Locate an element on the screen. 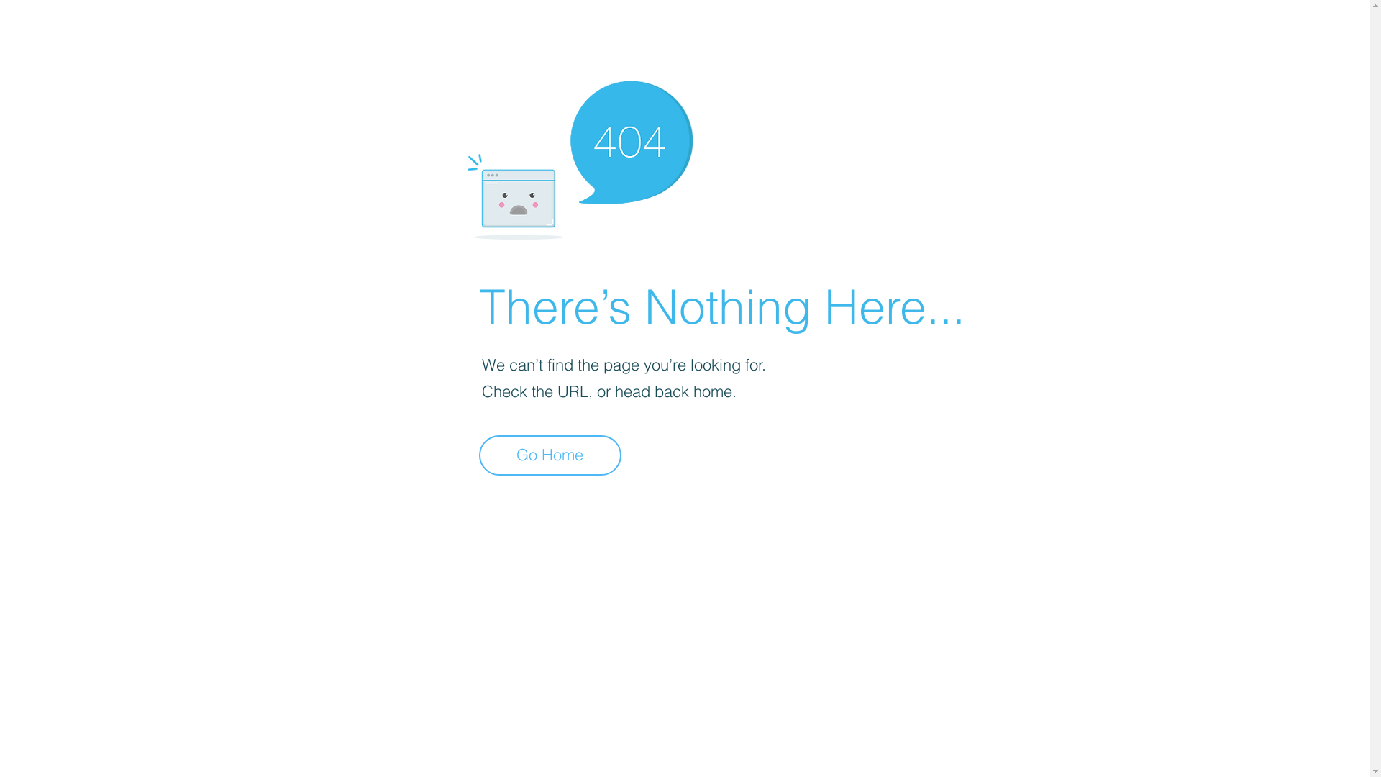  '404-icon_2.png' is located at coordinates (579, 156).